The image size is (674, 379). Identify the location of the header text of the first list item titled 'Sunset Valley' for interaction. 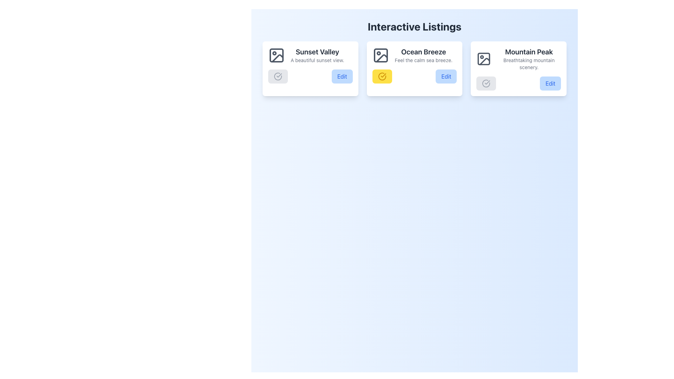
(310, 55).